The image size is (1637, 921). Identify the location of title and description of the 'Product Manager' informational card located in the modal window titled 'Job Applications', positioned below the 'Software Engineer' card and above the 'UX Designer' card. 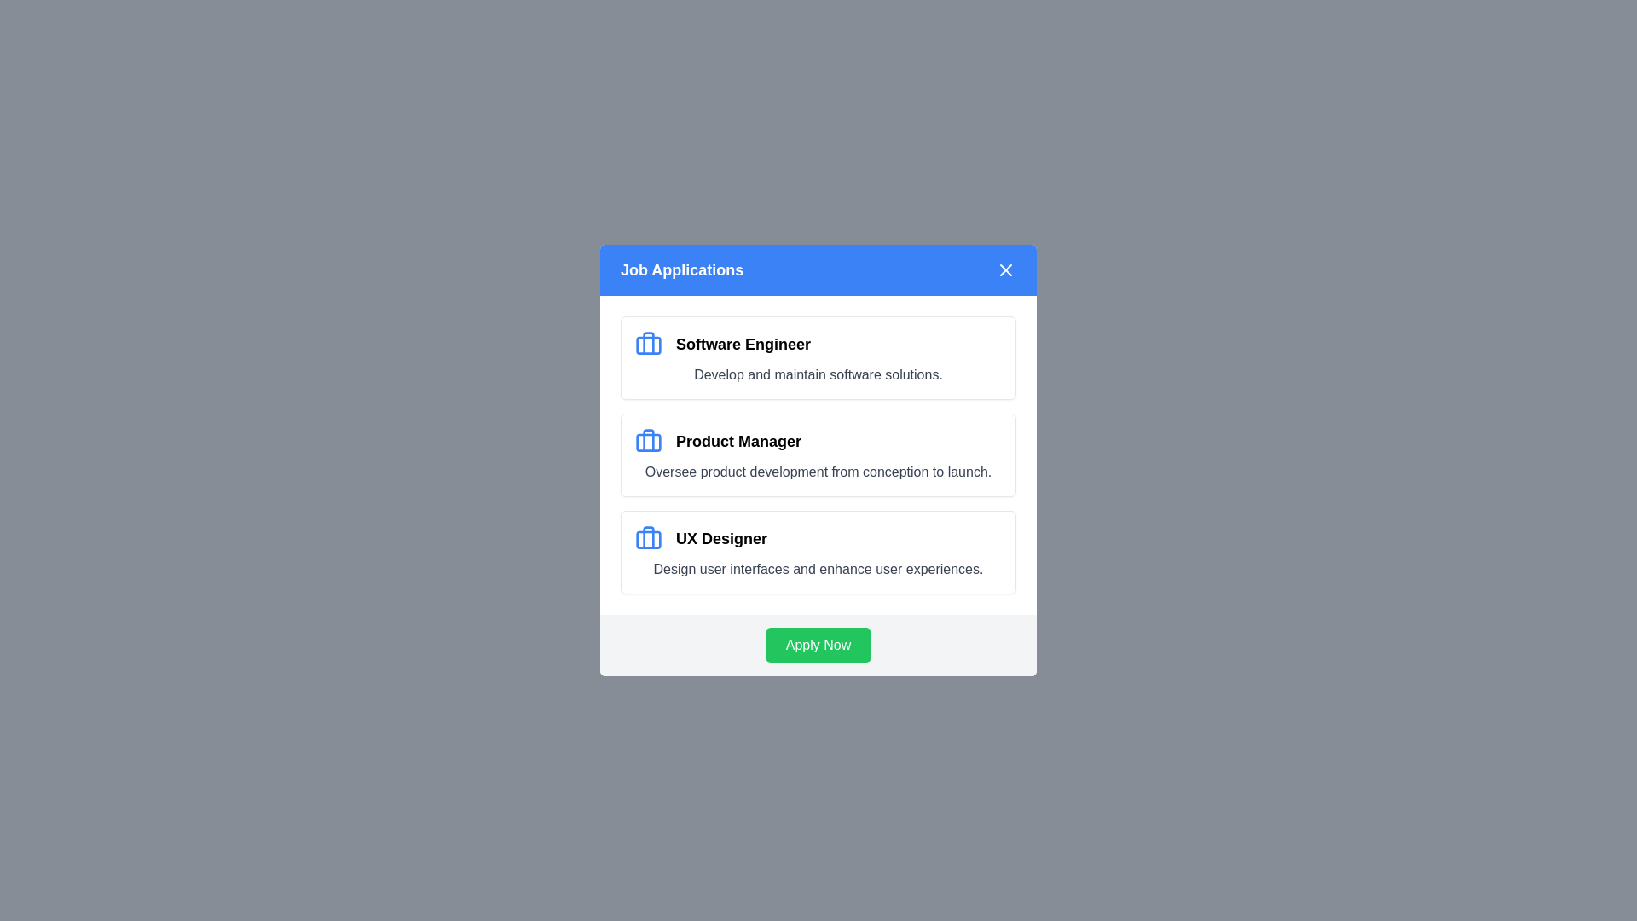
(818, 454).